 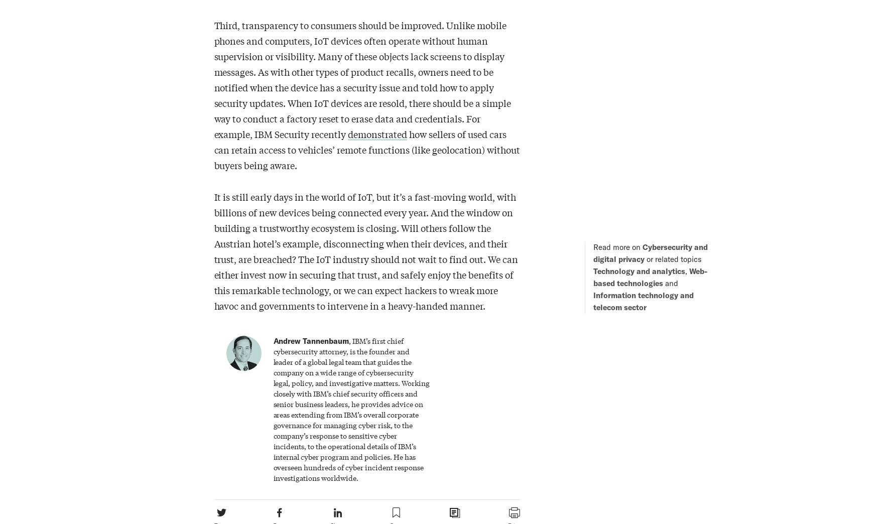 I want to click on ', IBM’s first chief cybersecurity attorney, is the founder and leader of a global legal team that guides the company on a wide range of cybsersecurity legal, policy, and investigative matters. Working closely with IBM’s chief security officers and senior business leaders, he provides advice on areas extending from IBM’s overall corporate governance for managing cyber risk, to the company’s response to sensitive cyber incidents, to the operational details of IBM’s internal cyber program and policies. He has overseen hundreds of cyber incident response investigations worldwide.', so click(x=351, y=408).